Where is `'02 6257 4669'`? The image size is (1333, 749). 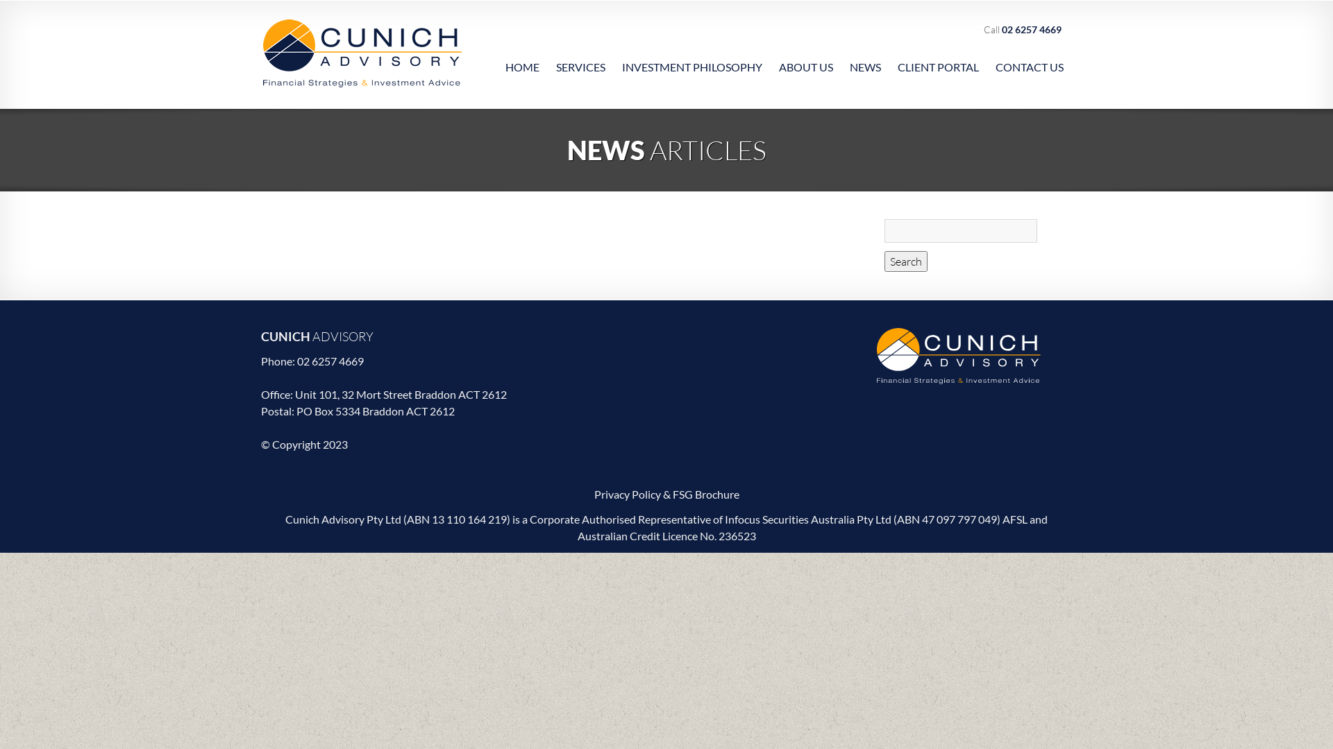 '02 6257 4669' is located at coordinates (1002, 29).